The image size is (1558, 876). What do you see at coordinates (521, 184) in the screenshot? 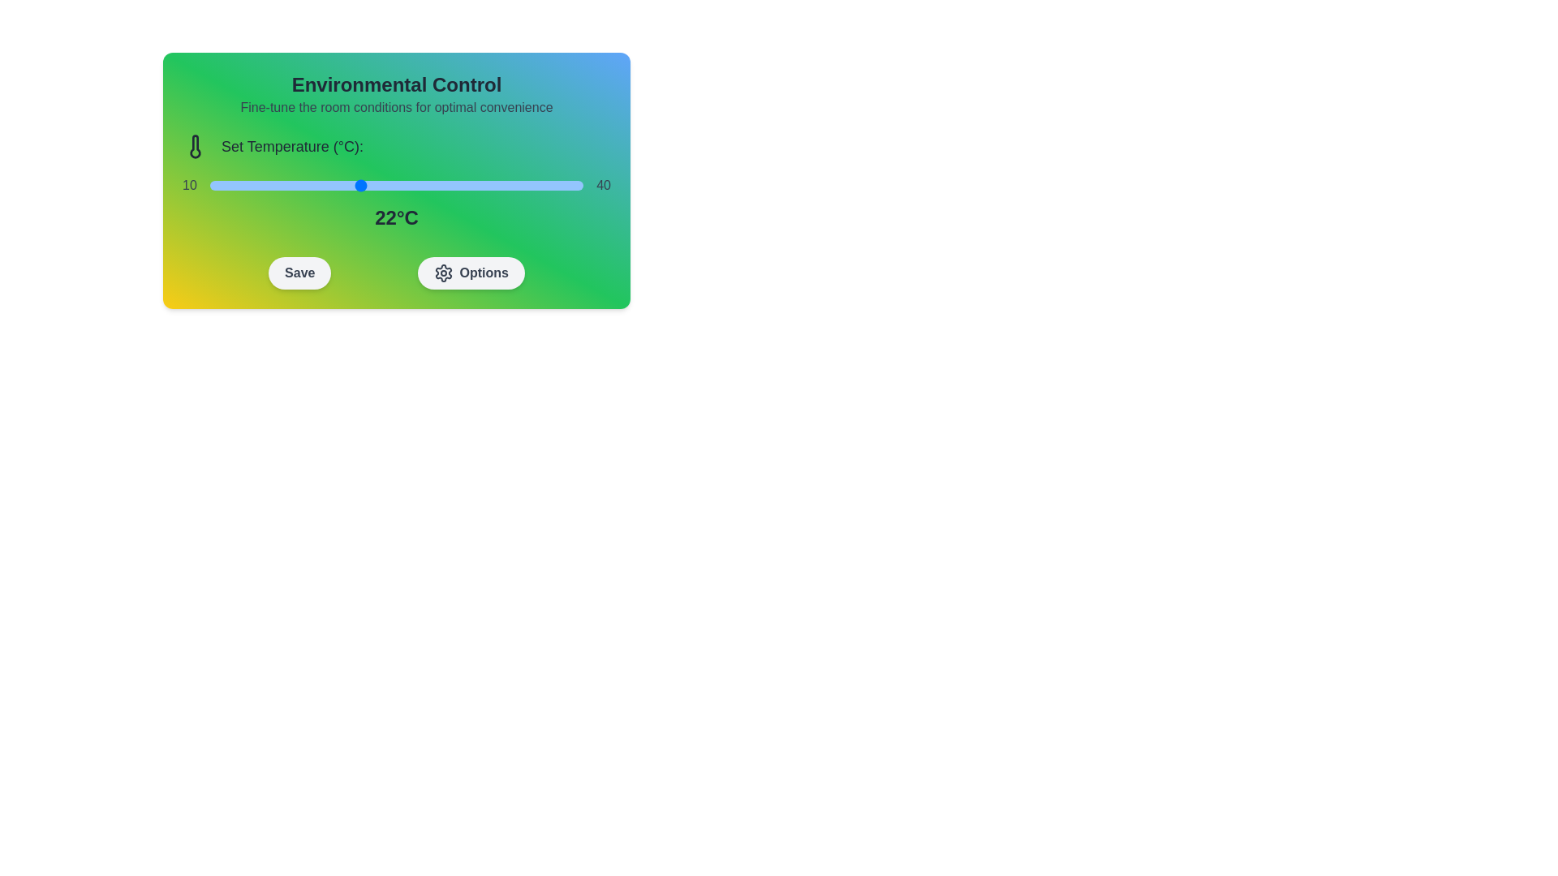
I see `the temperature` at bounding box center [521, 184].